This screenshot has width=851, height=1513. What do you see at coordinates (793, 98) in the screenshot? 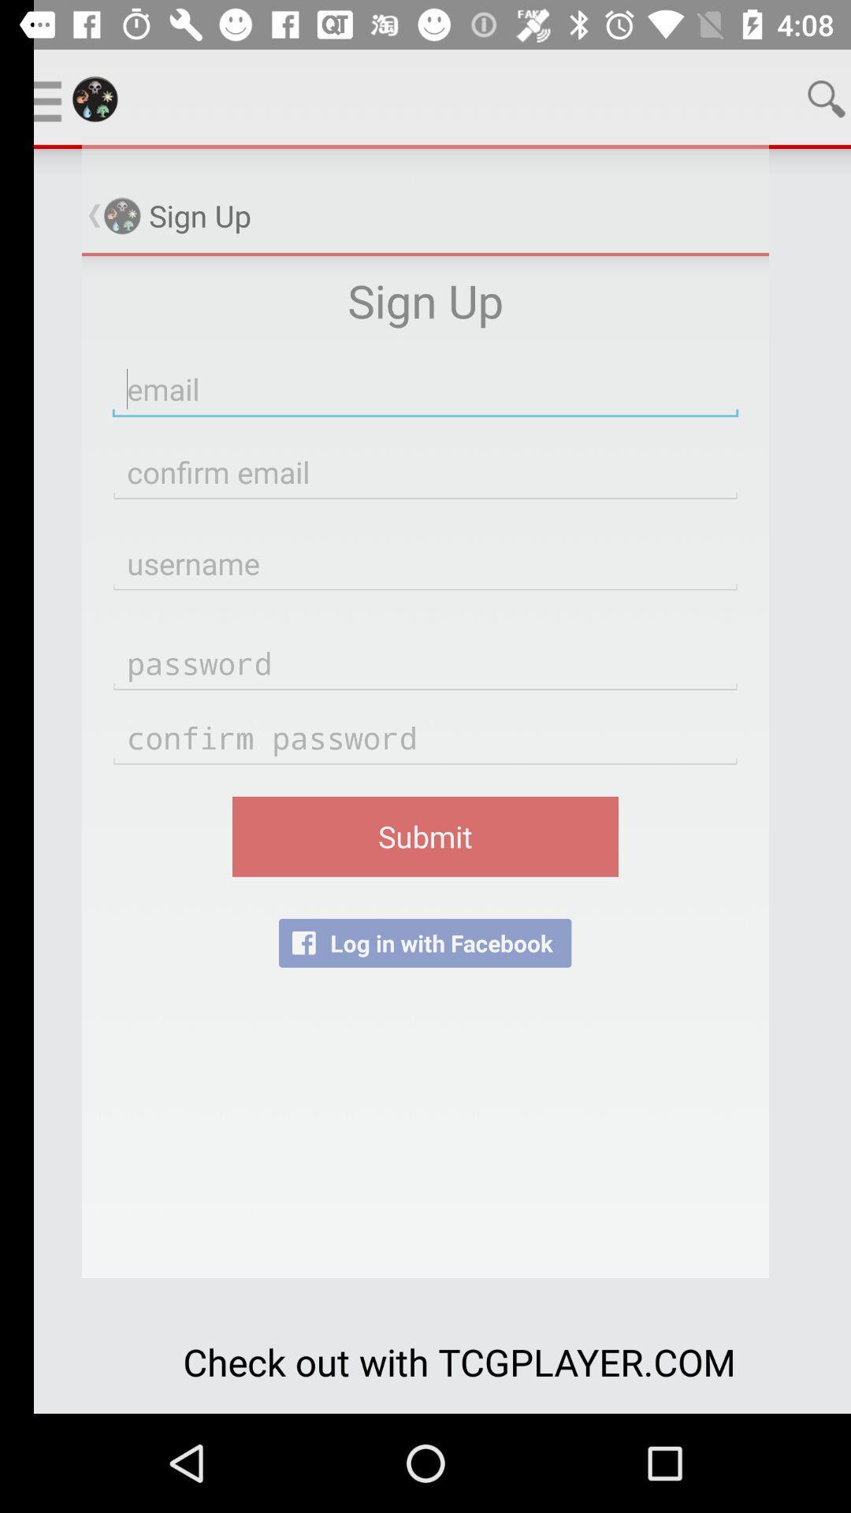
I see `the button which is at the top right corner of the page` at bounding box center [793, 98].